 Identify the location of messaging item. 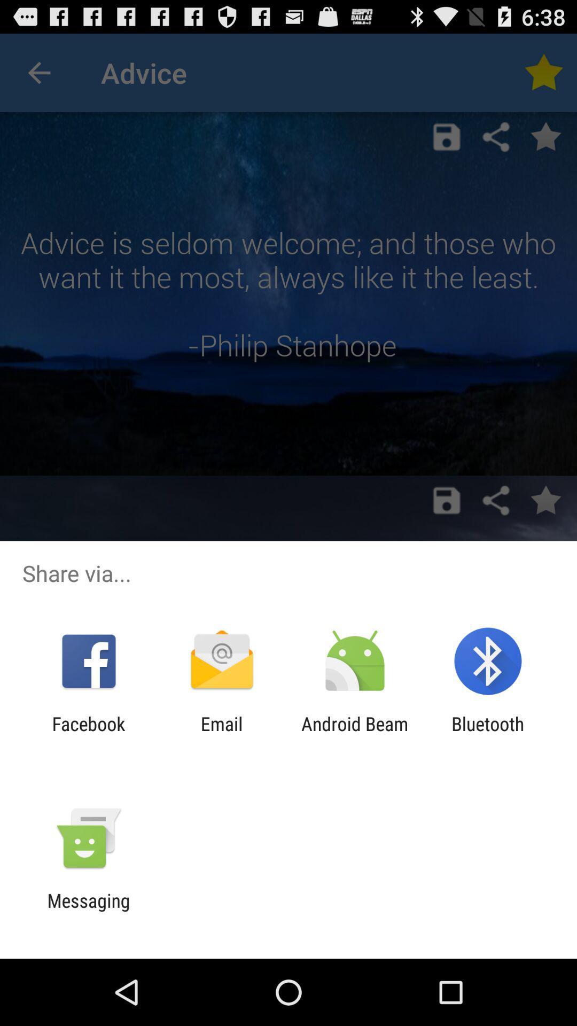
(88, 911).